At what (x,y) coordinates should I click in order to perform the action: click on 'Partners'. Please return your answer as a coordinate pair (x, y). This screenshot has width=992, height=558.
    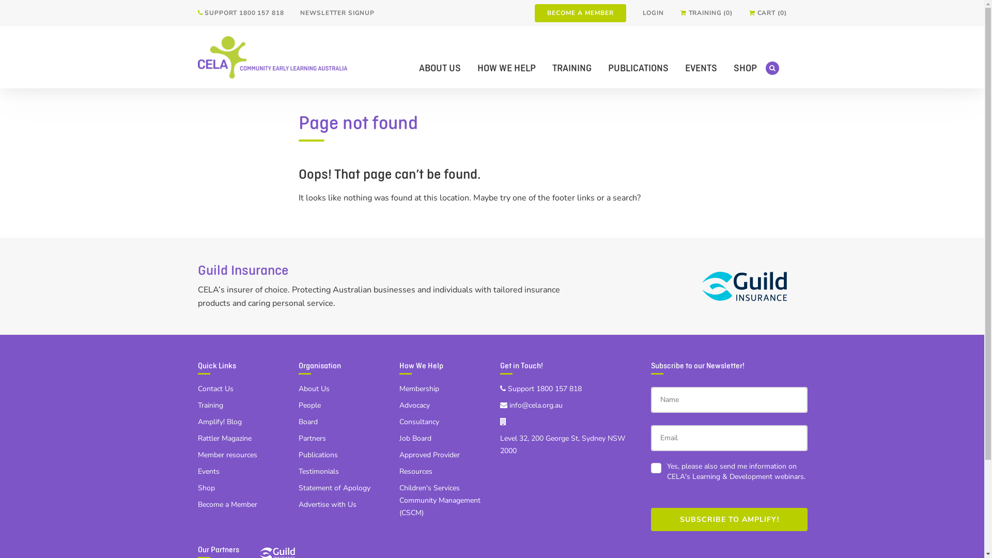
    Looking at the image, I should click on (298, 438).